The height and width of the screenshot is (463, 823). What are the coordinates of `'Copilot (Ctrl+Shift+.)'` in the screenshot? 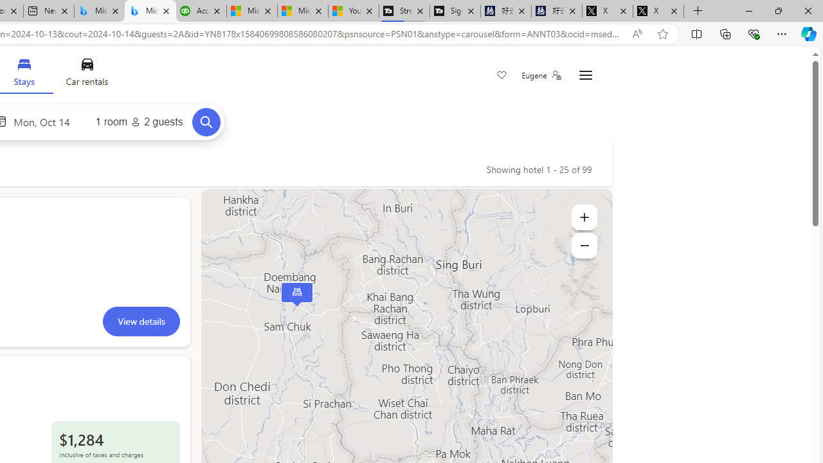 It's located at (808, 33).